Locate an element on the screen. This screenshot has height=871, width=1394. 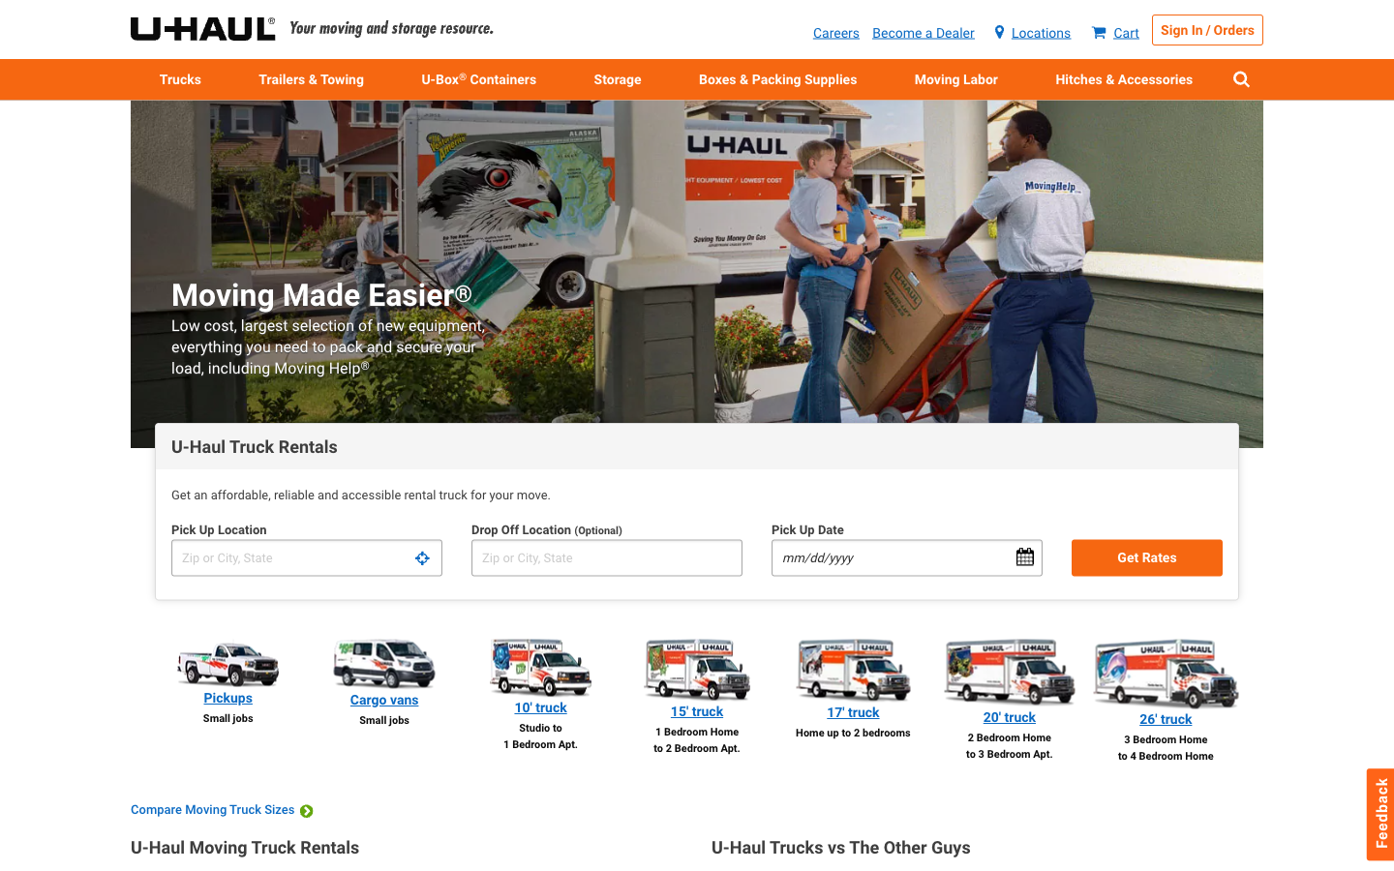
Book a truck for moving from a three bedroom flat is located at coordinates (1009, 700).